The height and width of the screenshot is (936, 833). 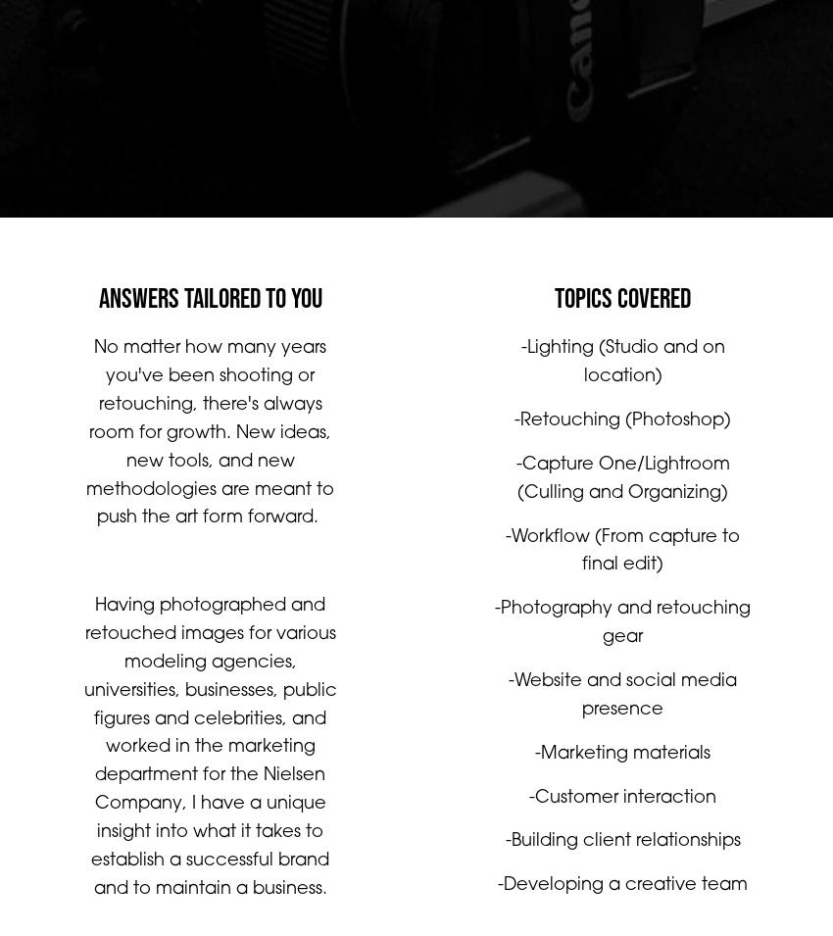 What do you see at coordinates (508, 714) in the screenshot?
I see `'-Website and social media presence'` at bounding box center [508, 714].